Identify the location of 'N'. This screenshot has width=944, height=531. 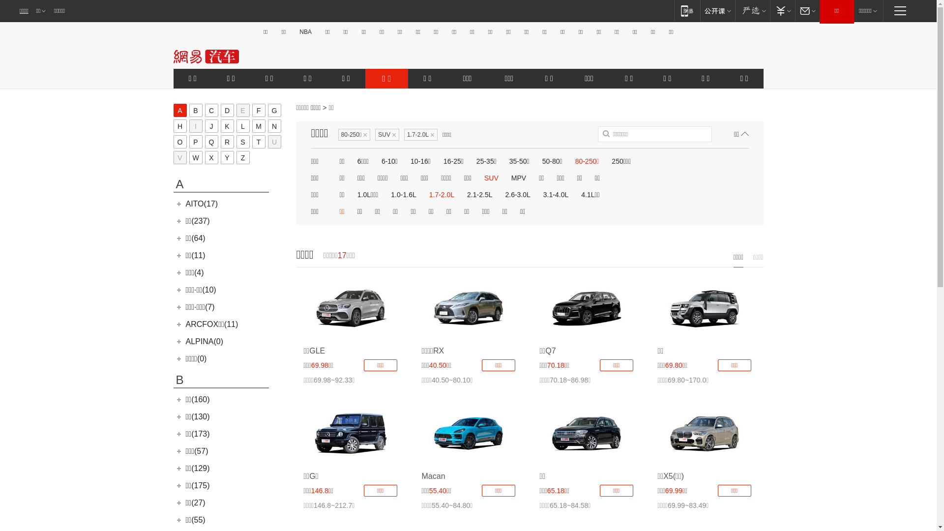
(274, 125).